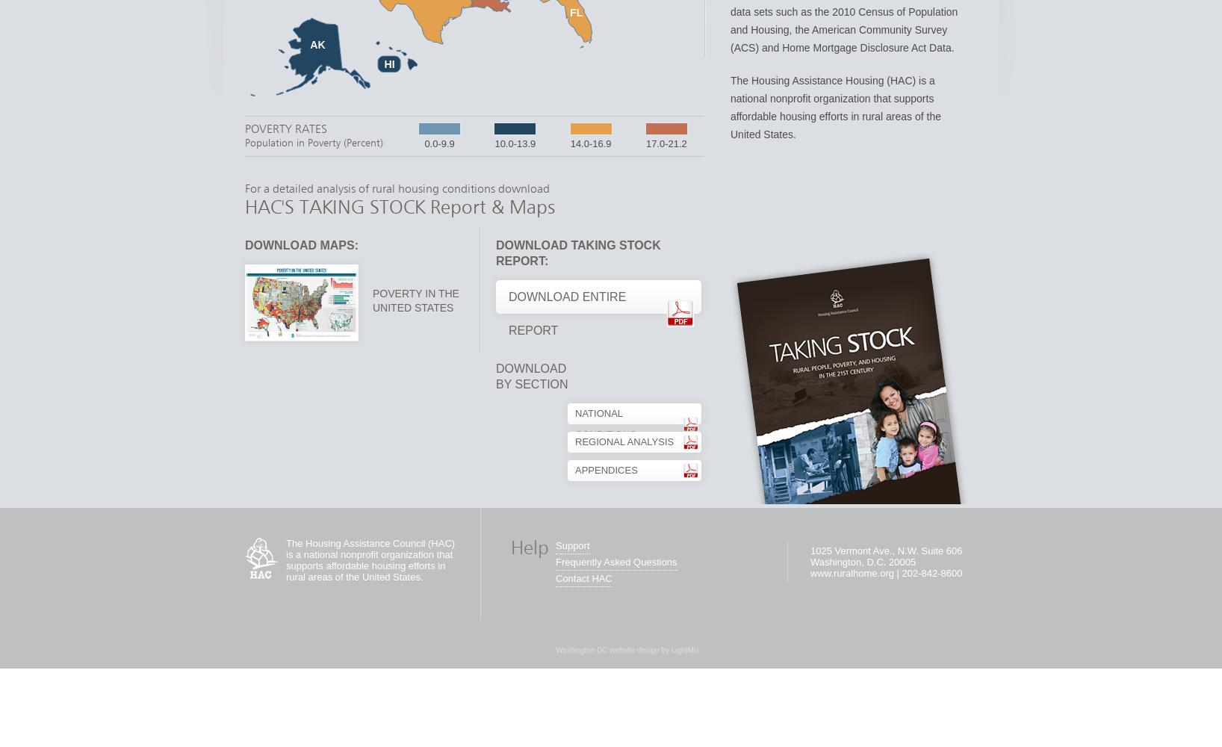 The height and width of the screenshot is (747, 1222). What do you see at coordinates (389, 63) in the screenshot?
I see `'HI'` at bounding box center [389, 63].